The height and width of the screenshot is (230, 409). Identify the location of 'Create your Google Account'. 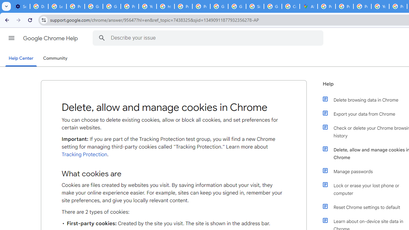
(290, 6).